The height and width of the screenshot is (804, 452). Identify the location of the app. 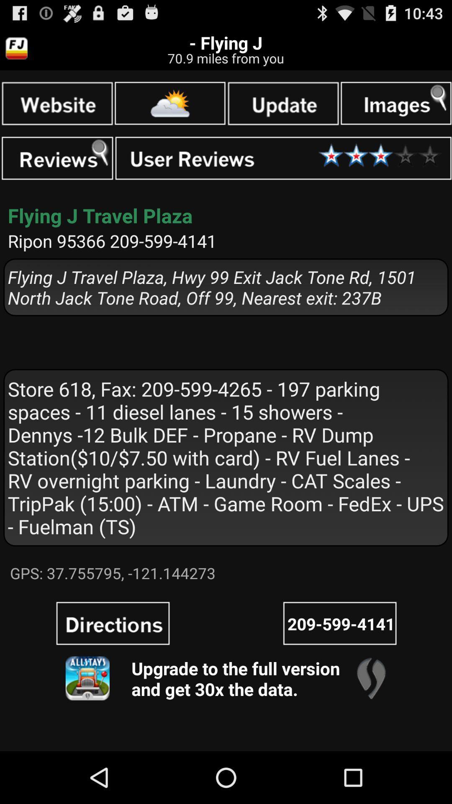
(282, 103).